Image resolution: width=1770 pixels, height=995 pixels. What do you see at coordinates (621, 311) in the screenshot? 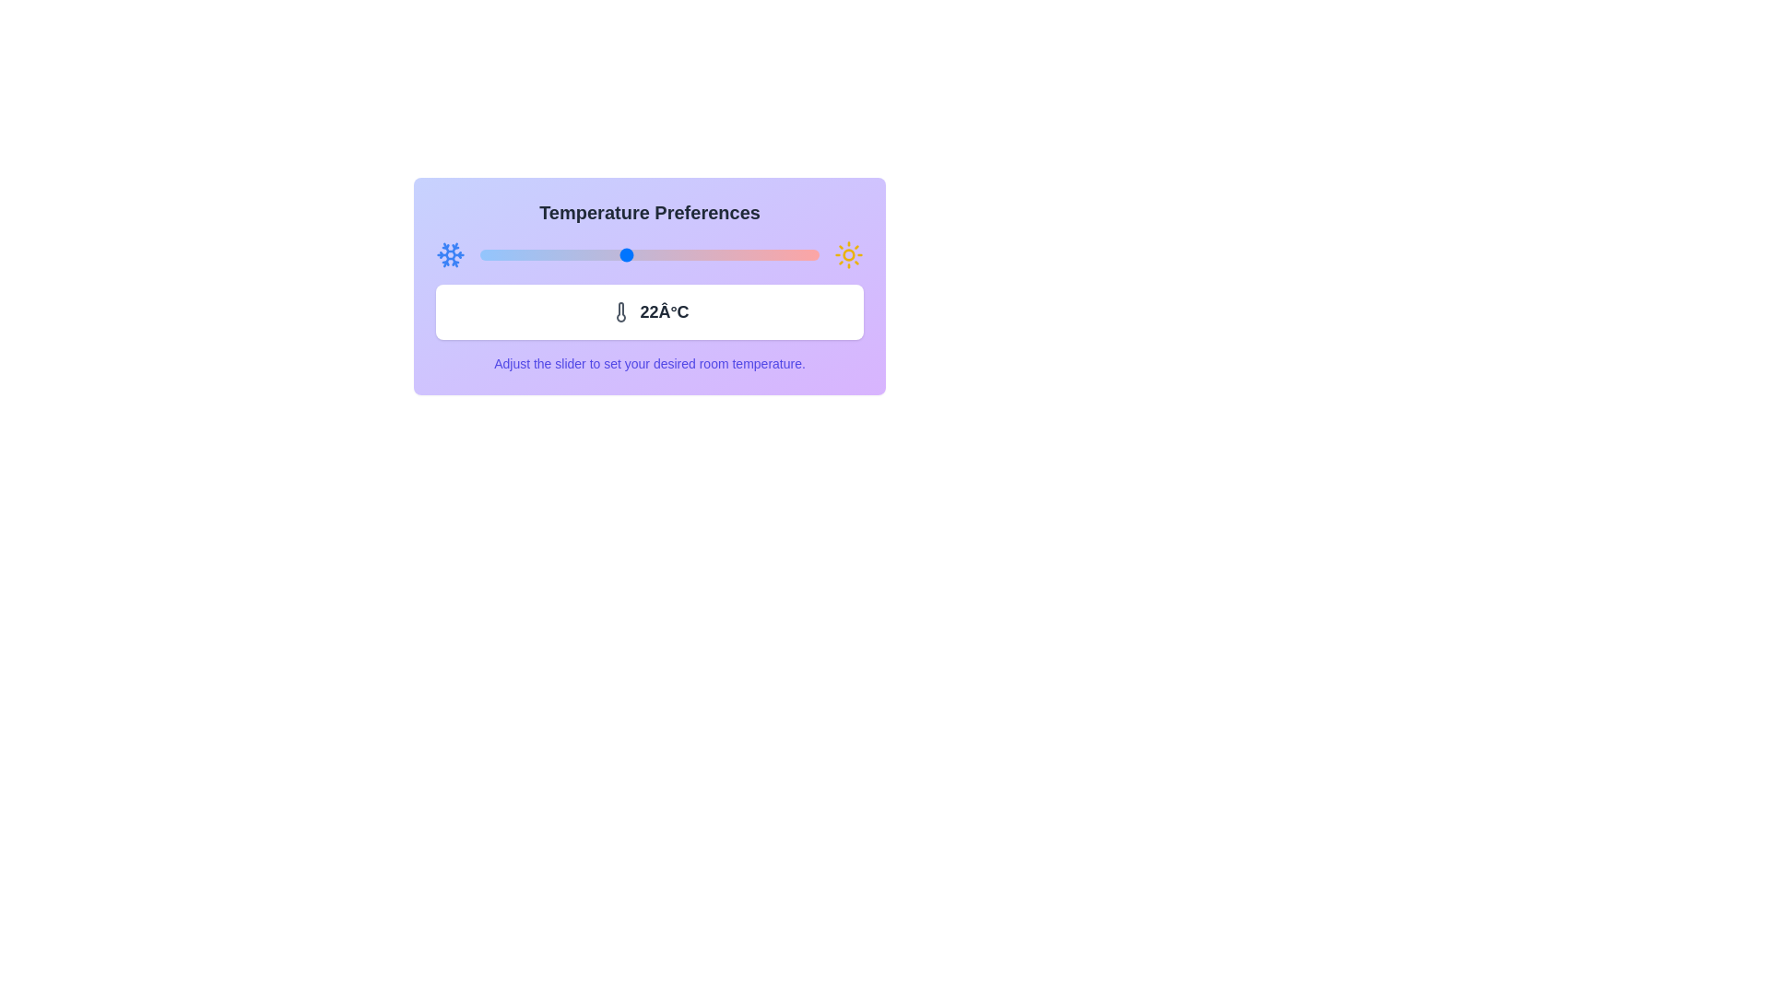
I see `the thermometer icon to observe its details` at bounding box center [621, 311].